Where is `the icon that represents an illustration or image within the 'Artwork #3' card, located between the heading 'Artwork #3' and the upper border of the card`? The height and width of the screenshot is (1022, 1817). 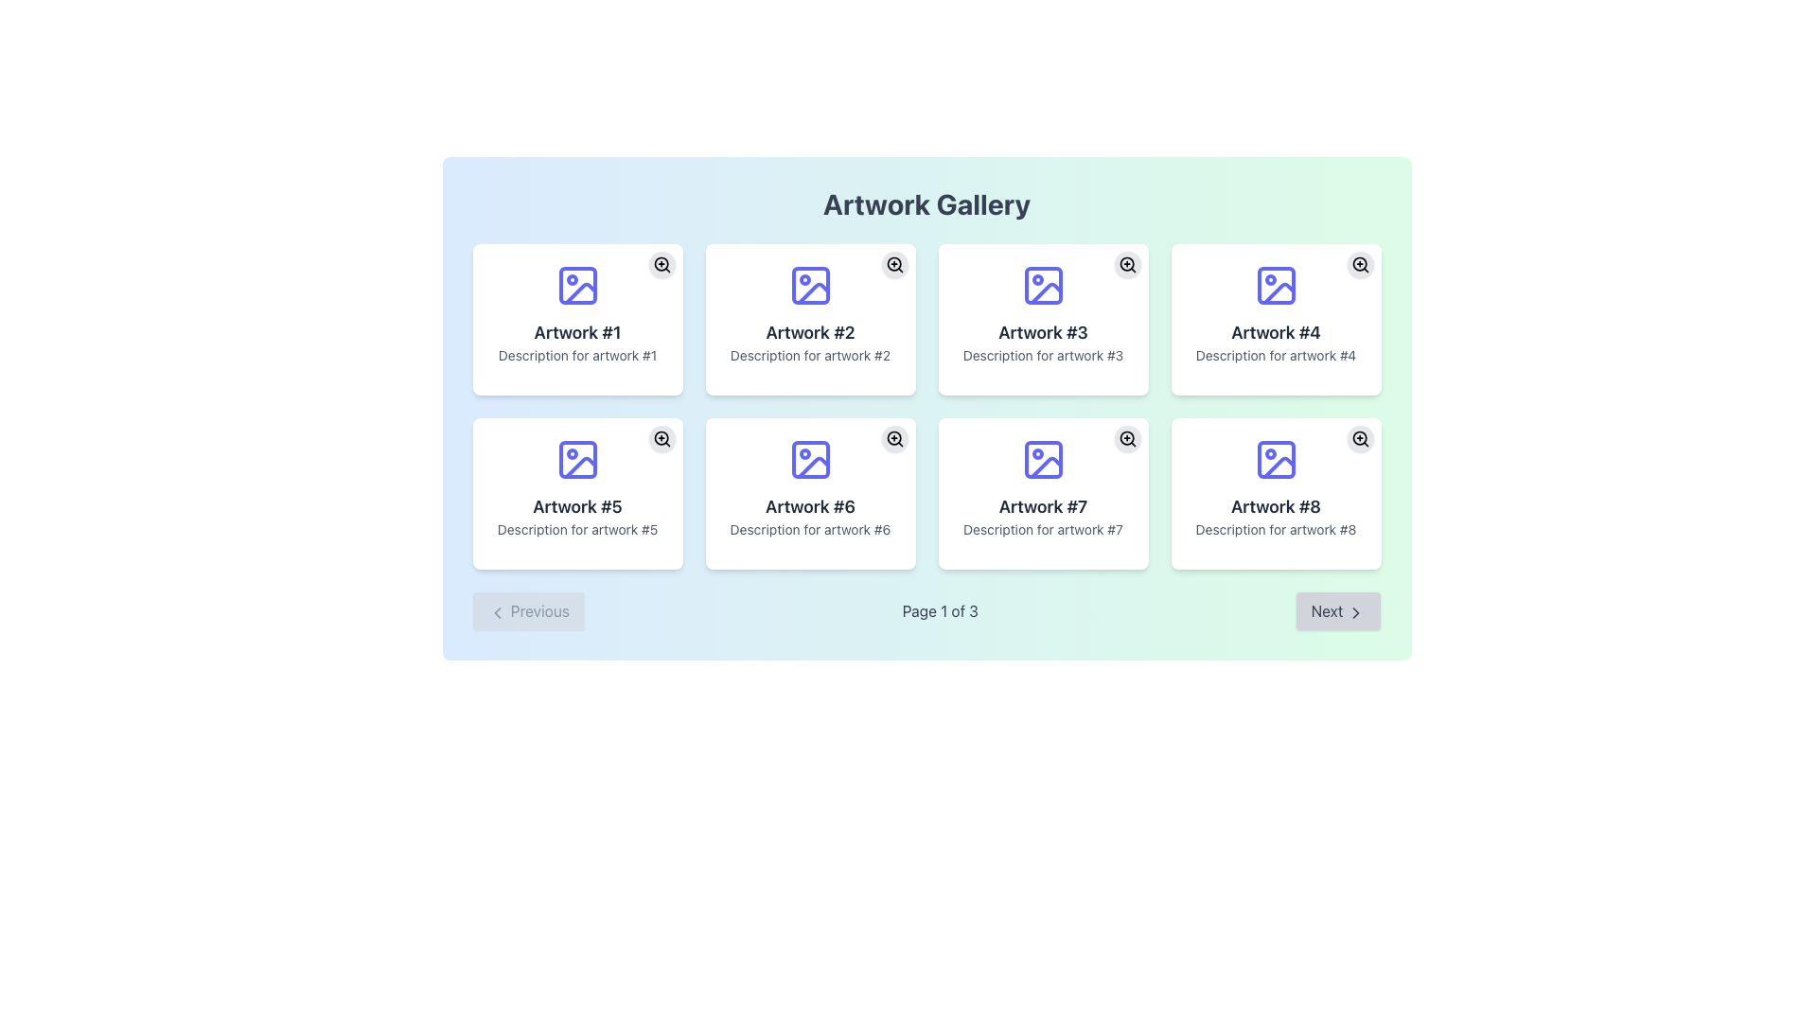 the icon that represents an illustration or image within the 'Artwork #3' card, located between the heading 'Artwork #3' and the upper border of the card is located at coordinates (1042, 285).